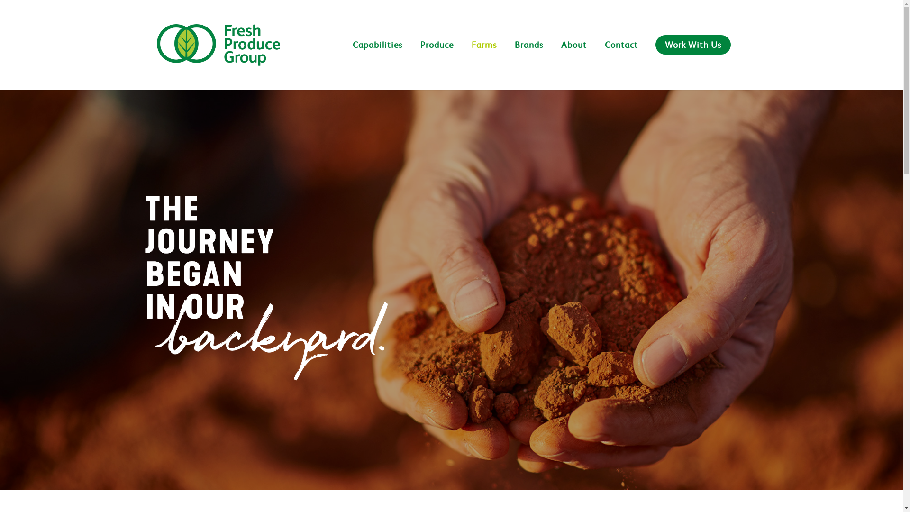  Describe the element at coordinates (595, 56) in the screenshot. I see `'Contact'` at that location.